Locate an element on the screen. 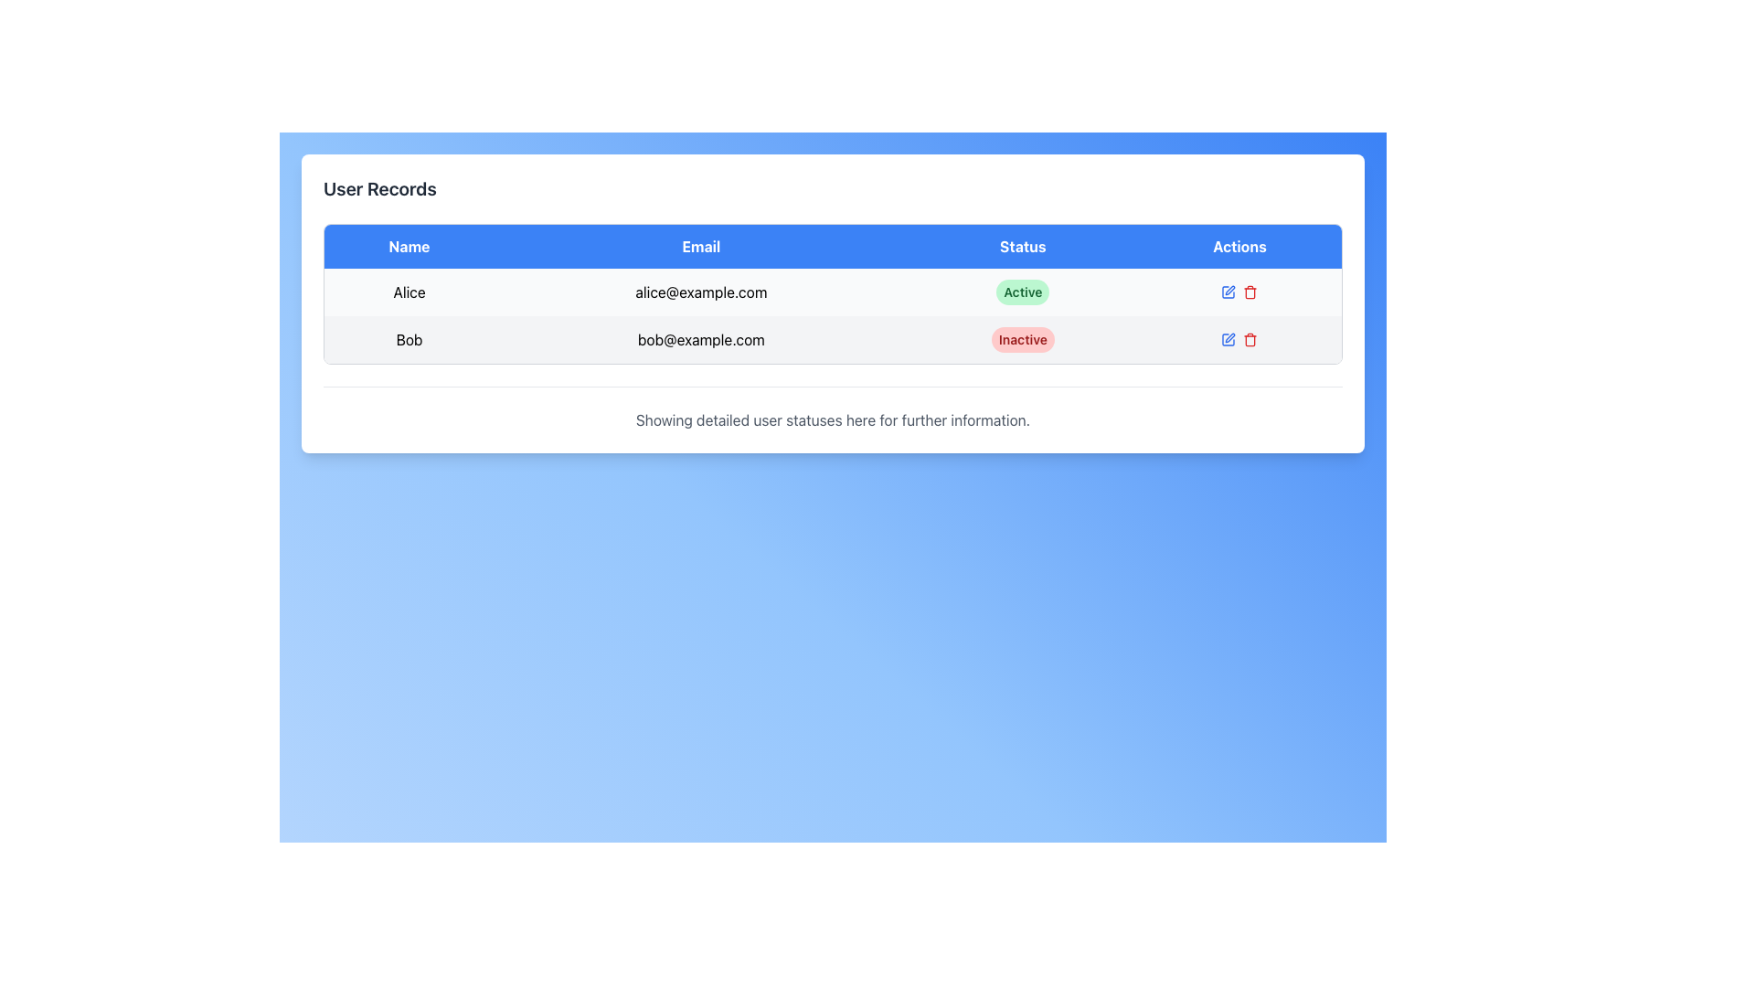  the blue icon in the Action control group located in the last column under the 'Actions' header of the second row in the user records table, aligned with the email 'bob@example.com' and the status 'Inactive' is located at coordinates (1239, 339).